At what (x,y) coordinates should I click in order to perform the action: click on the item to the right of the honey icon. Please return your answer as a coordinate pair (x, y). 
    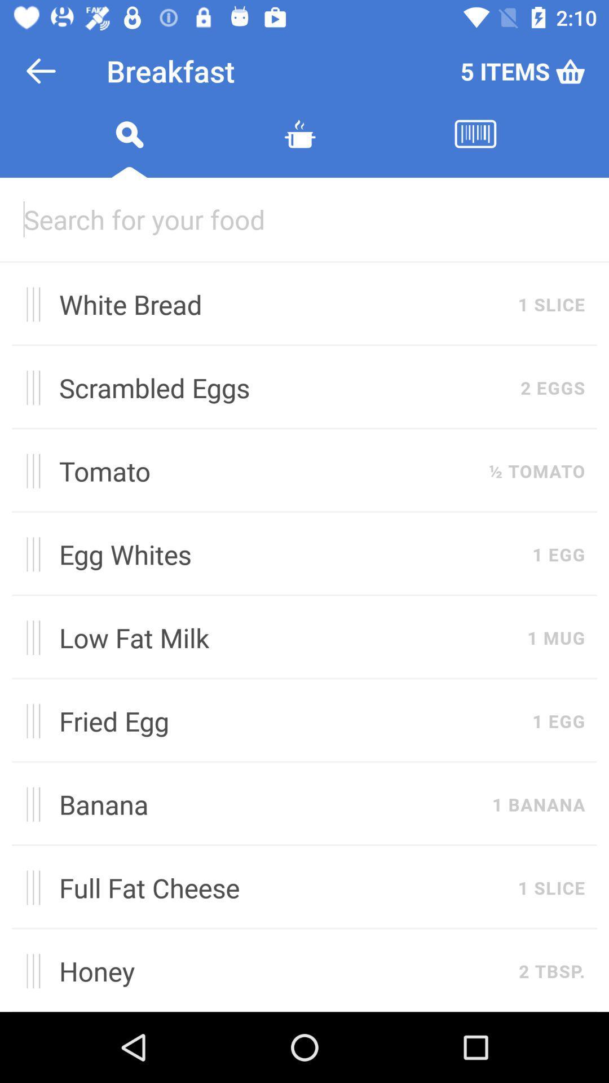
    Looking at the image, I should click on (551, 970).